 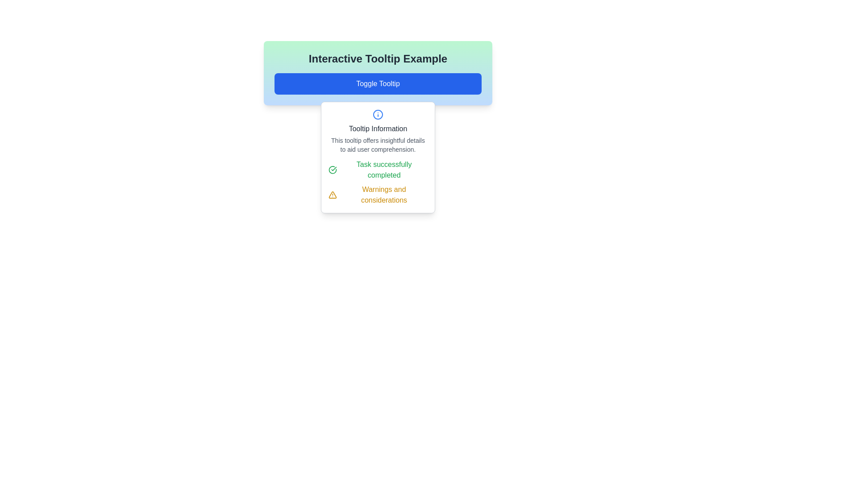 What do you see at coordinates (378, 129) in the screenshot?
I see `text label that serves as a title for the tooltip content, located centrally above a text block` at bounding box center [378, 129].